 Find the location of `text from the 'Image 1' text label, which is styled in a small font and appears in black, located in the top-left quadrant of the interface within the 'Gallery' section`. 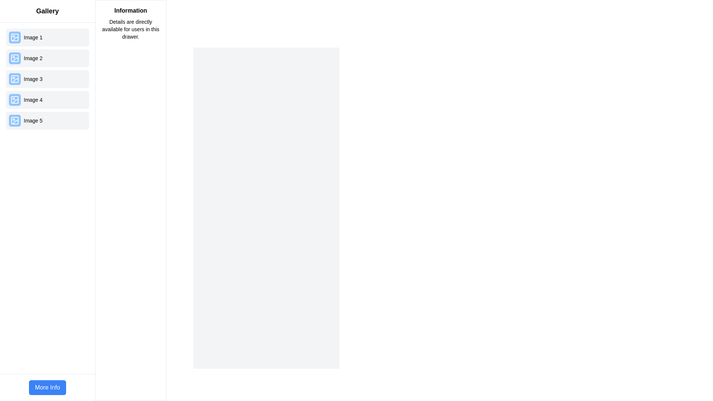

text from the 'Image 1' text label, which is styled in a small font and appears in black, located in the top-left quadrant of the interface within the 'Gallery' section is located at coordinates (33, 37).